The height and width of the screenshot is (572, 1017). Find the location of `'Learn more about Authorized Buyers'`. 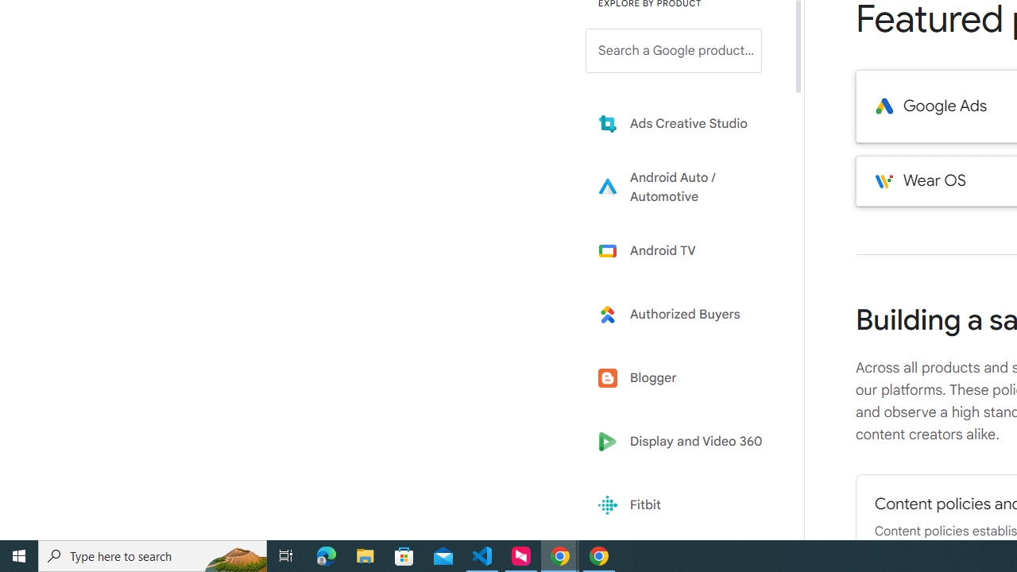

'Learn more about Authorized Buyers' is located at coordinates (685, 315).